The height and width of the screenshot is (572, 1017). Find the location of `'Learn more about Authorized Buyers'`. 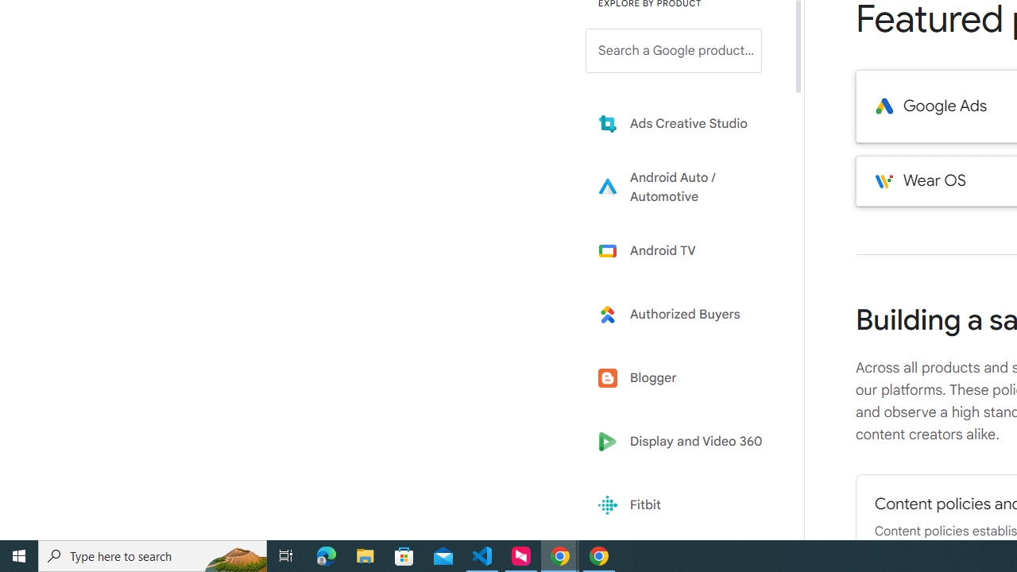

'Learn more about Authorized Buyers' is located at coordinates (685, 315).